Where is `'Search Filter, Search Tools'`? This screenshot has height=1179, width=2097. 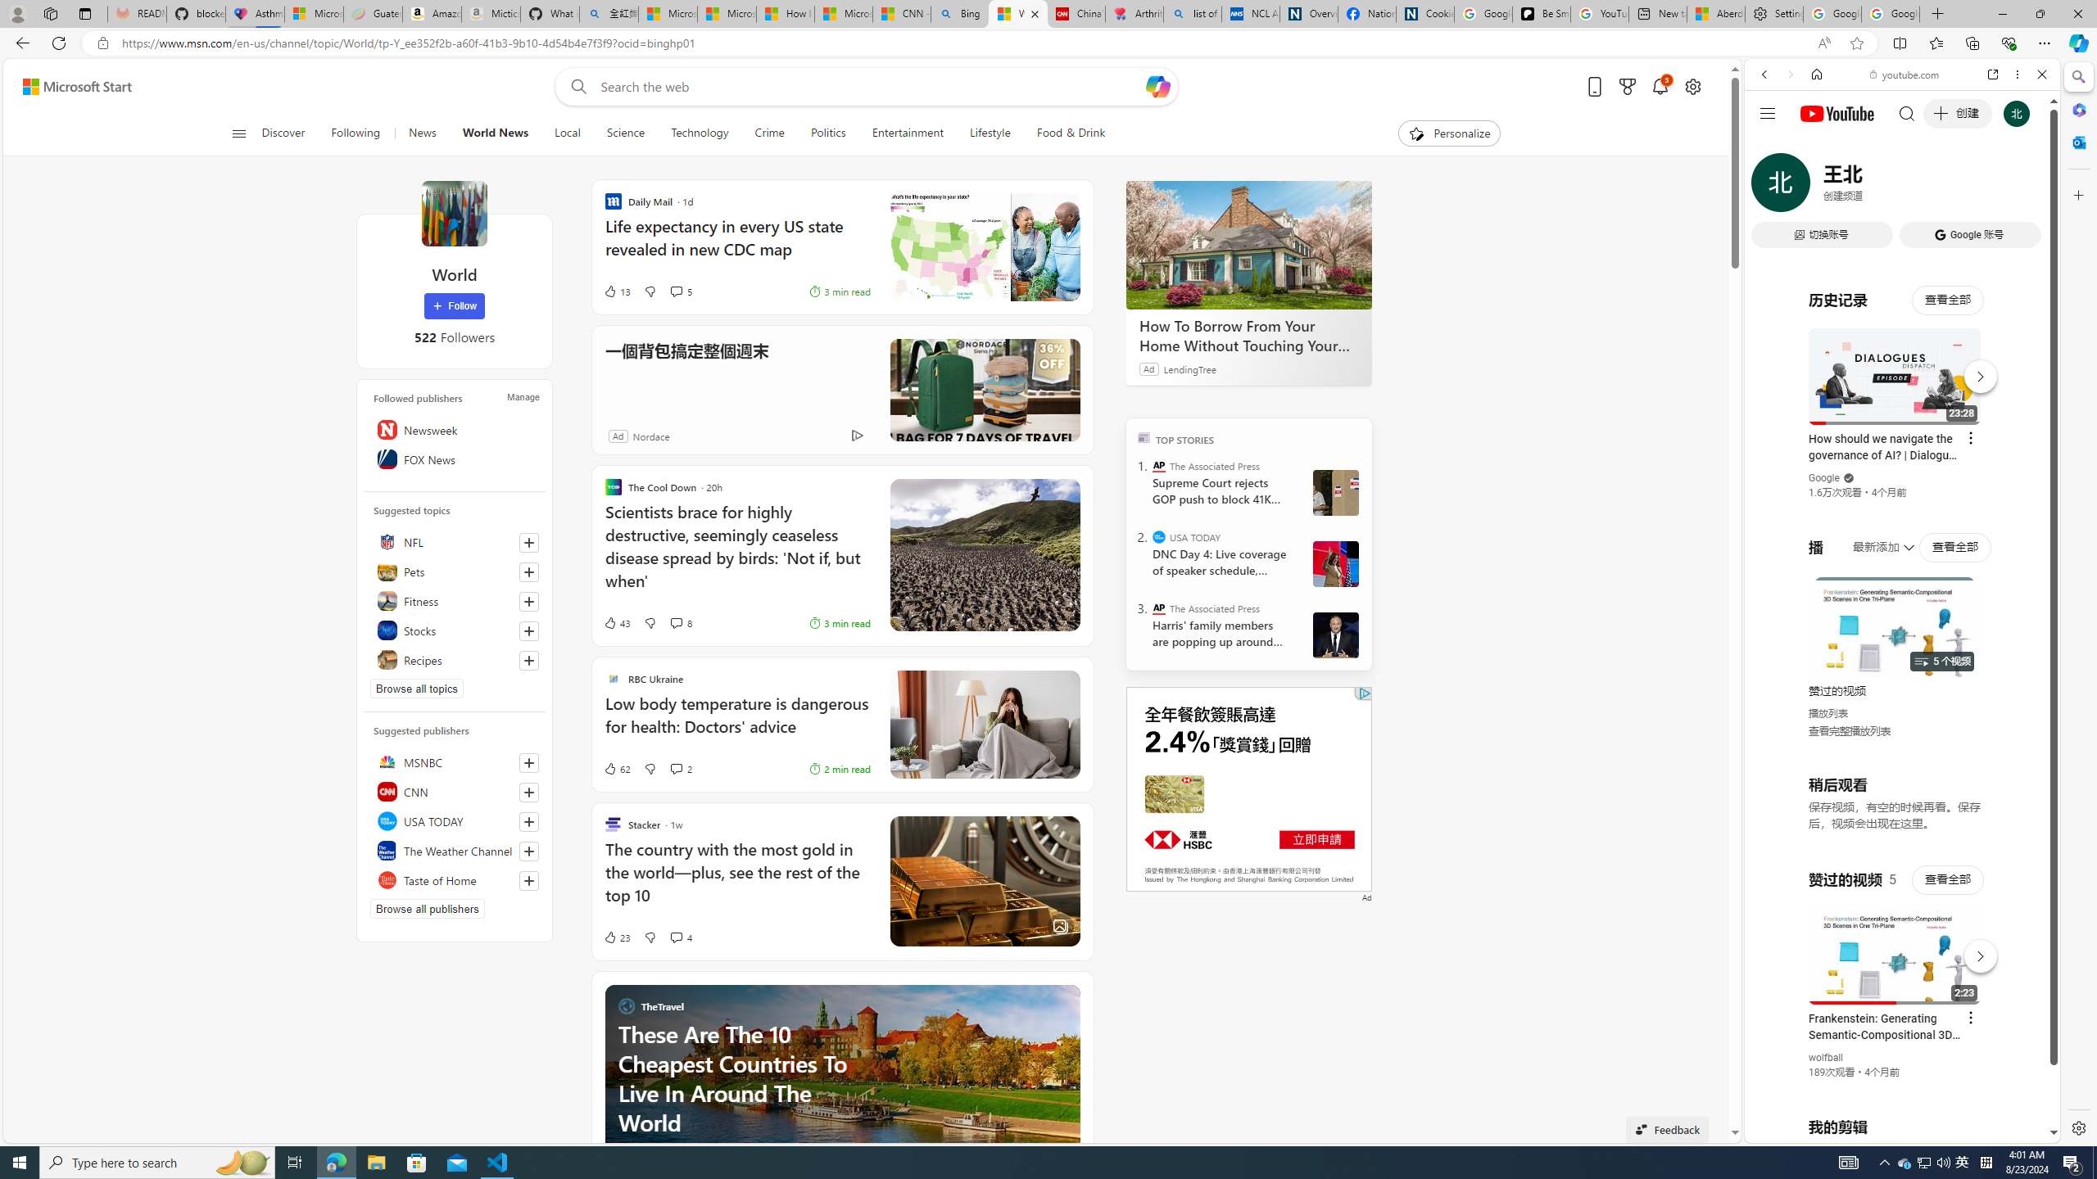
'Search Filter, Search Tools' is located at coordinates (1944, 186).